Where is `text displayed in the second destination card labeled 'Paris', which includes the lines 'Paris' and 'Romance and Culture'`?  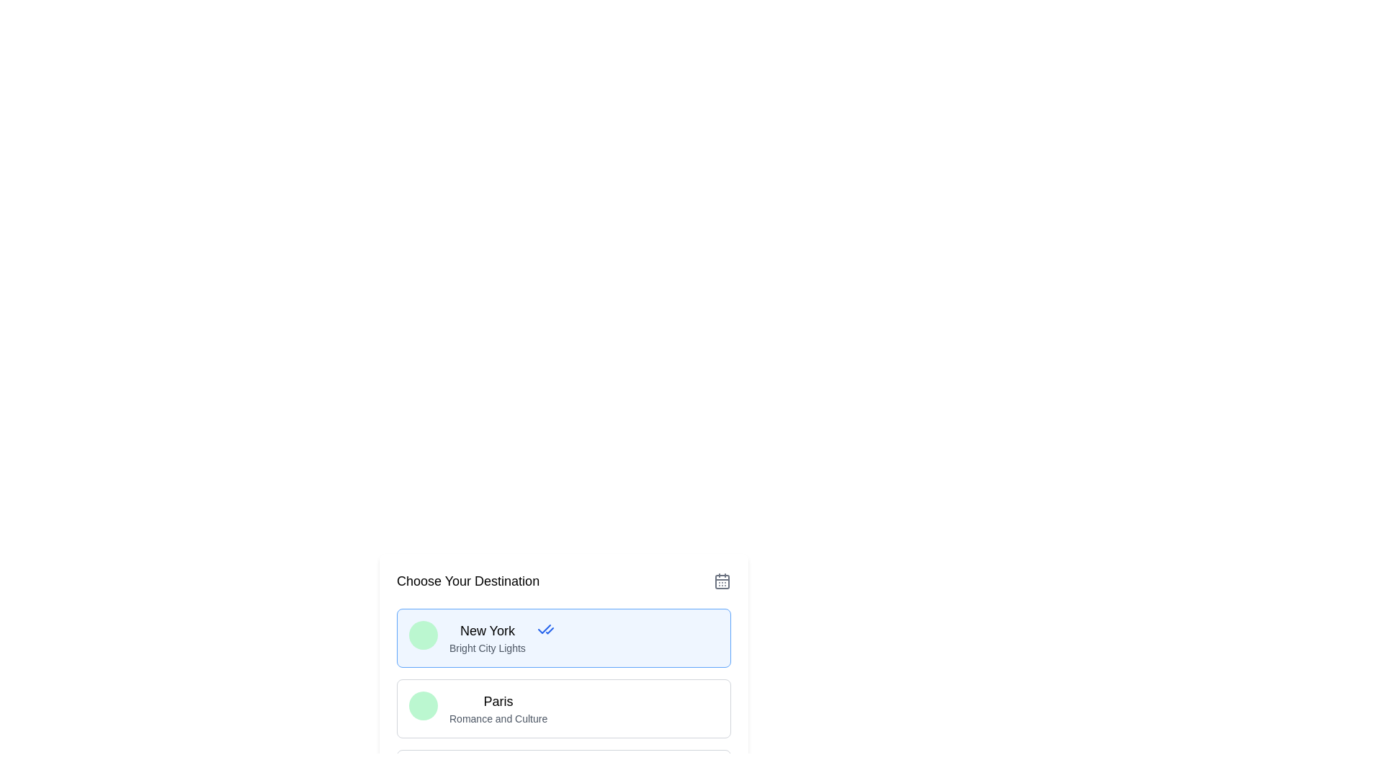 text displayed in the second destination card labeled 'Paris', which includes the lines 'Paris' and 'Romance and Culture' is located at coordinates (498, 707).